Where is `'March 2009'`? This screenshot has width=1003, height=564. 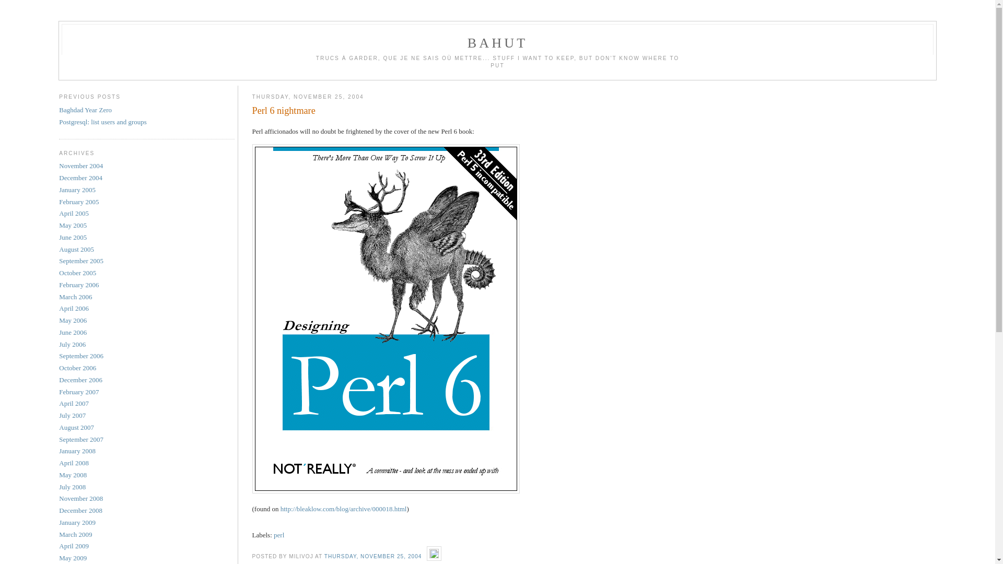
'March 2009' is located at coordinates (75, 534).